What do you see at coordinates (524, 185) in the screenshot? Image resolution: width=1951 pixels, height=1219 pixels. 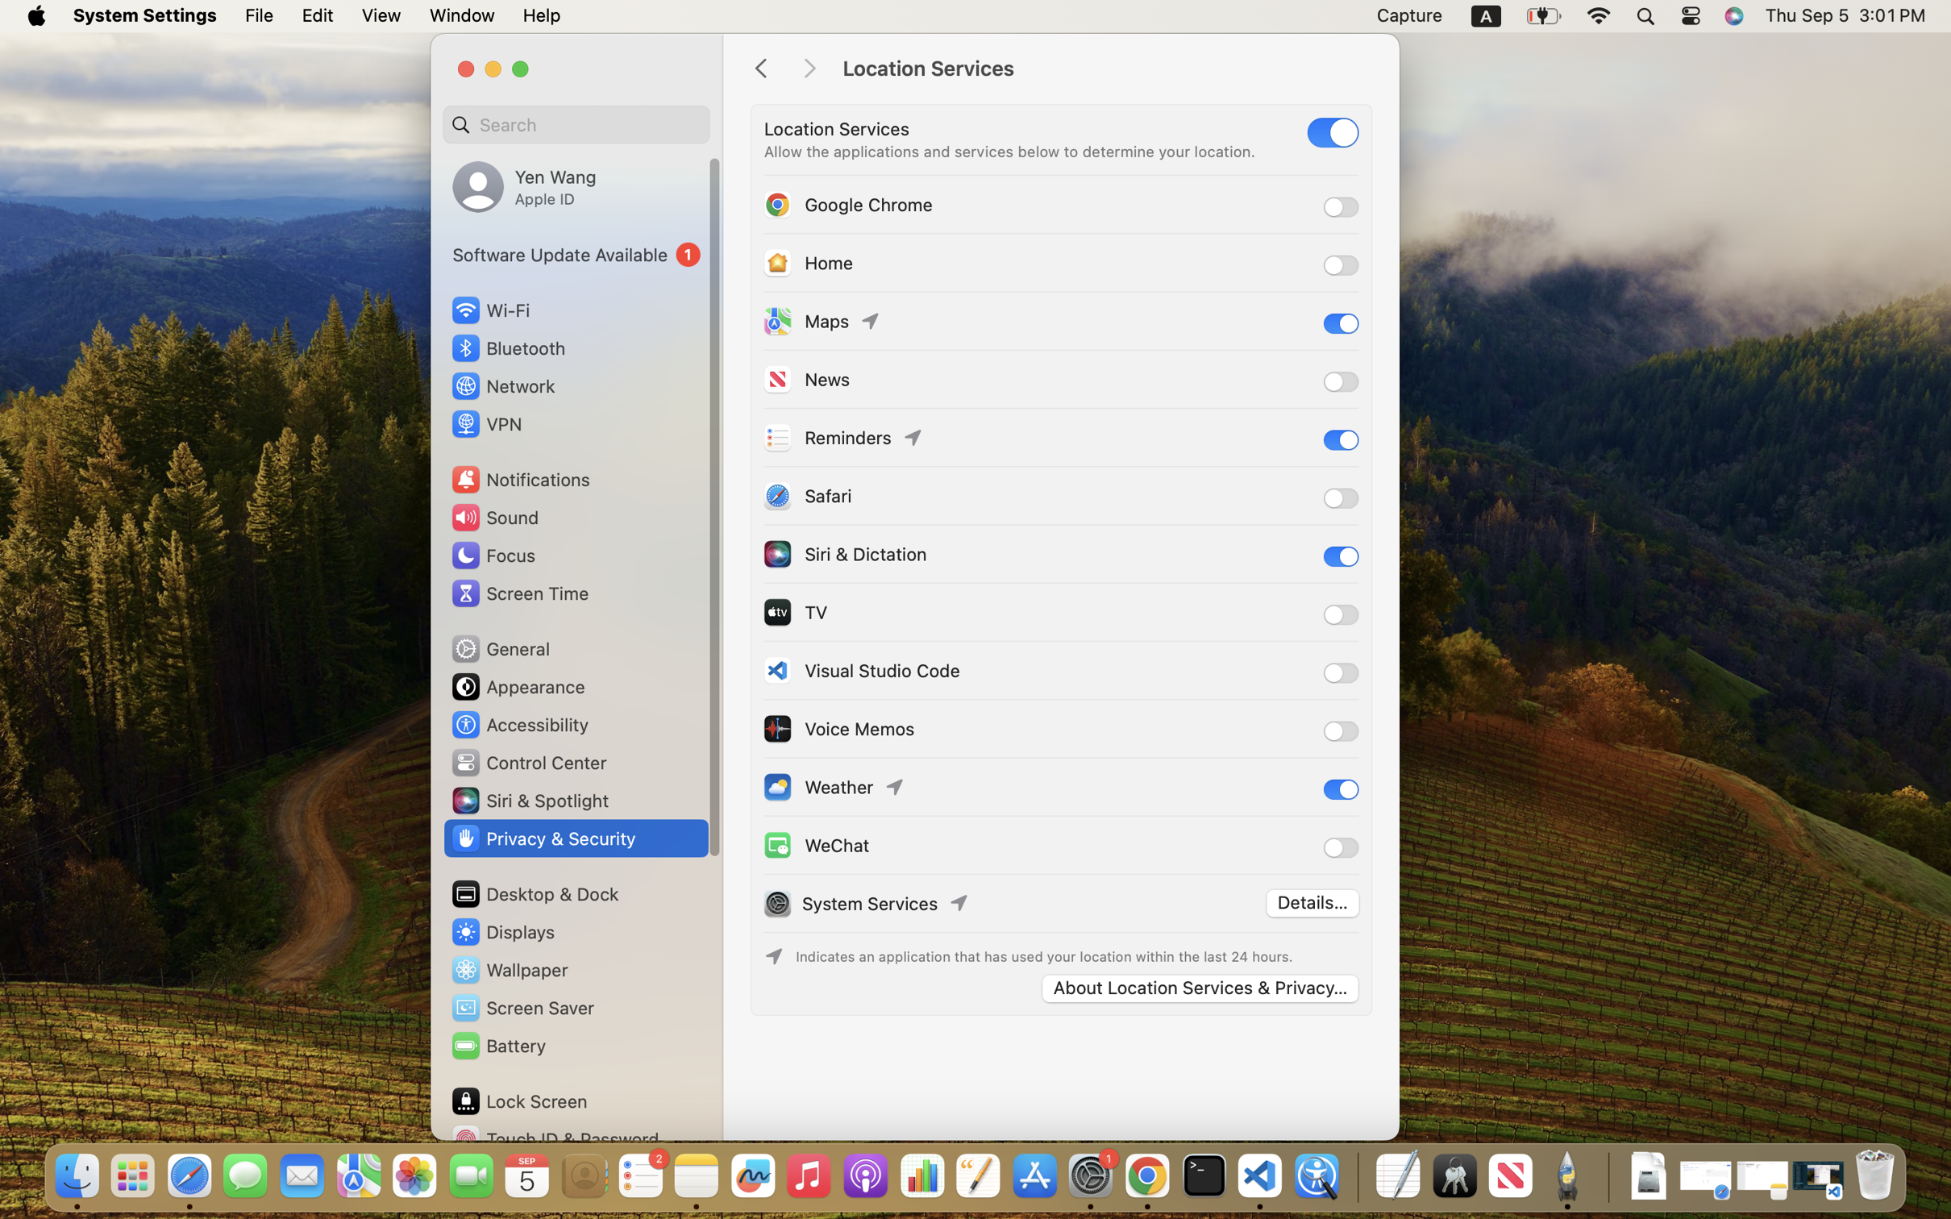 I see `'Yen Wang, Apple ID'` at bounding box center [524, 185].